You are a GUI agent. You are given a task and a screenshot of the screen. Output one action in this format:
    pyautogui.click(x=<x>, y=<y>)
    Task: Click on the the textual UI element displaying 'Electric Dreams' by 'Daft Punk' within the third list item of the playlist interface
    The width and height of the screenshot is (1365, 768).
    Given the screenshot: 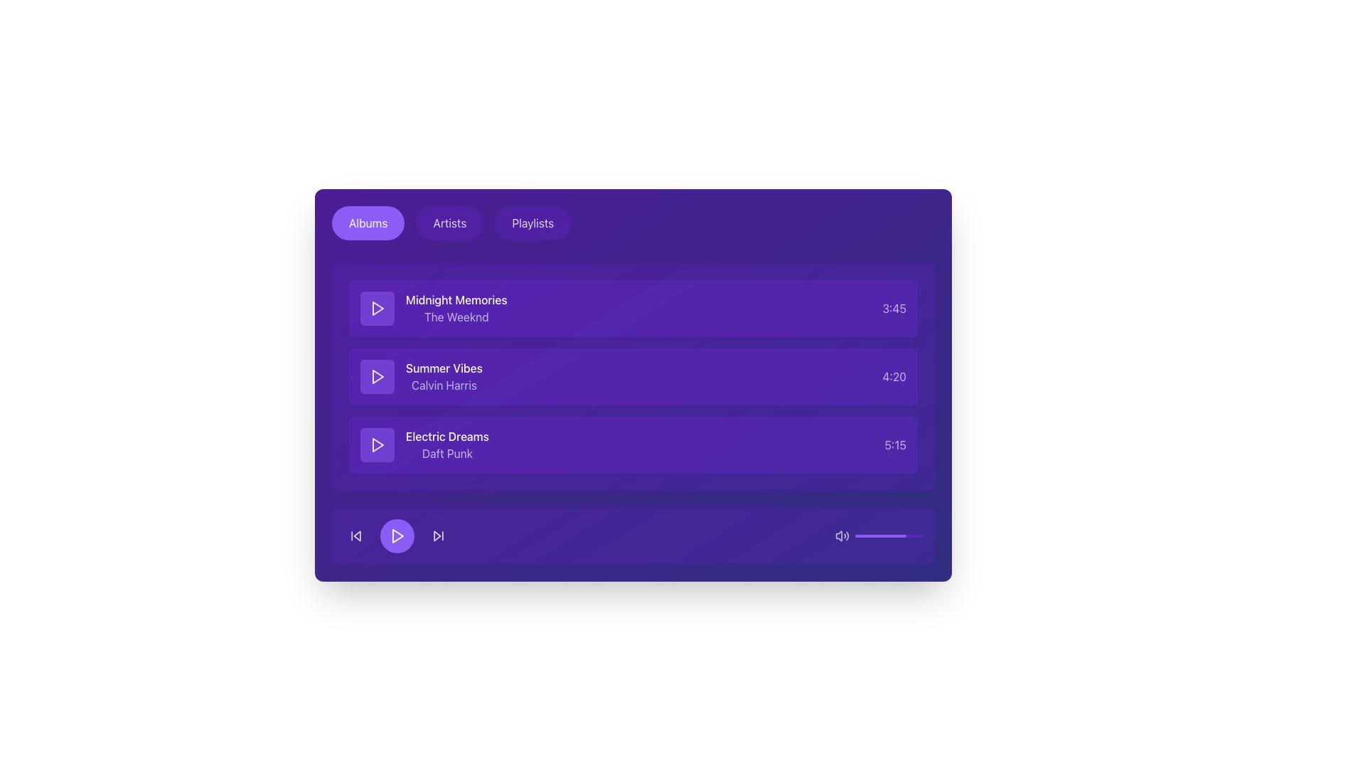 What is the action you would take?
    pyautogui.click(x=446, y=444)
    